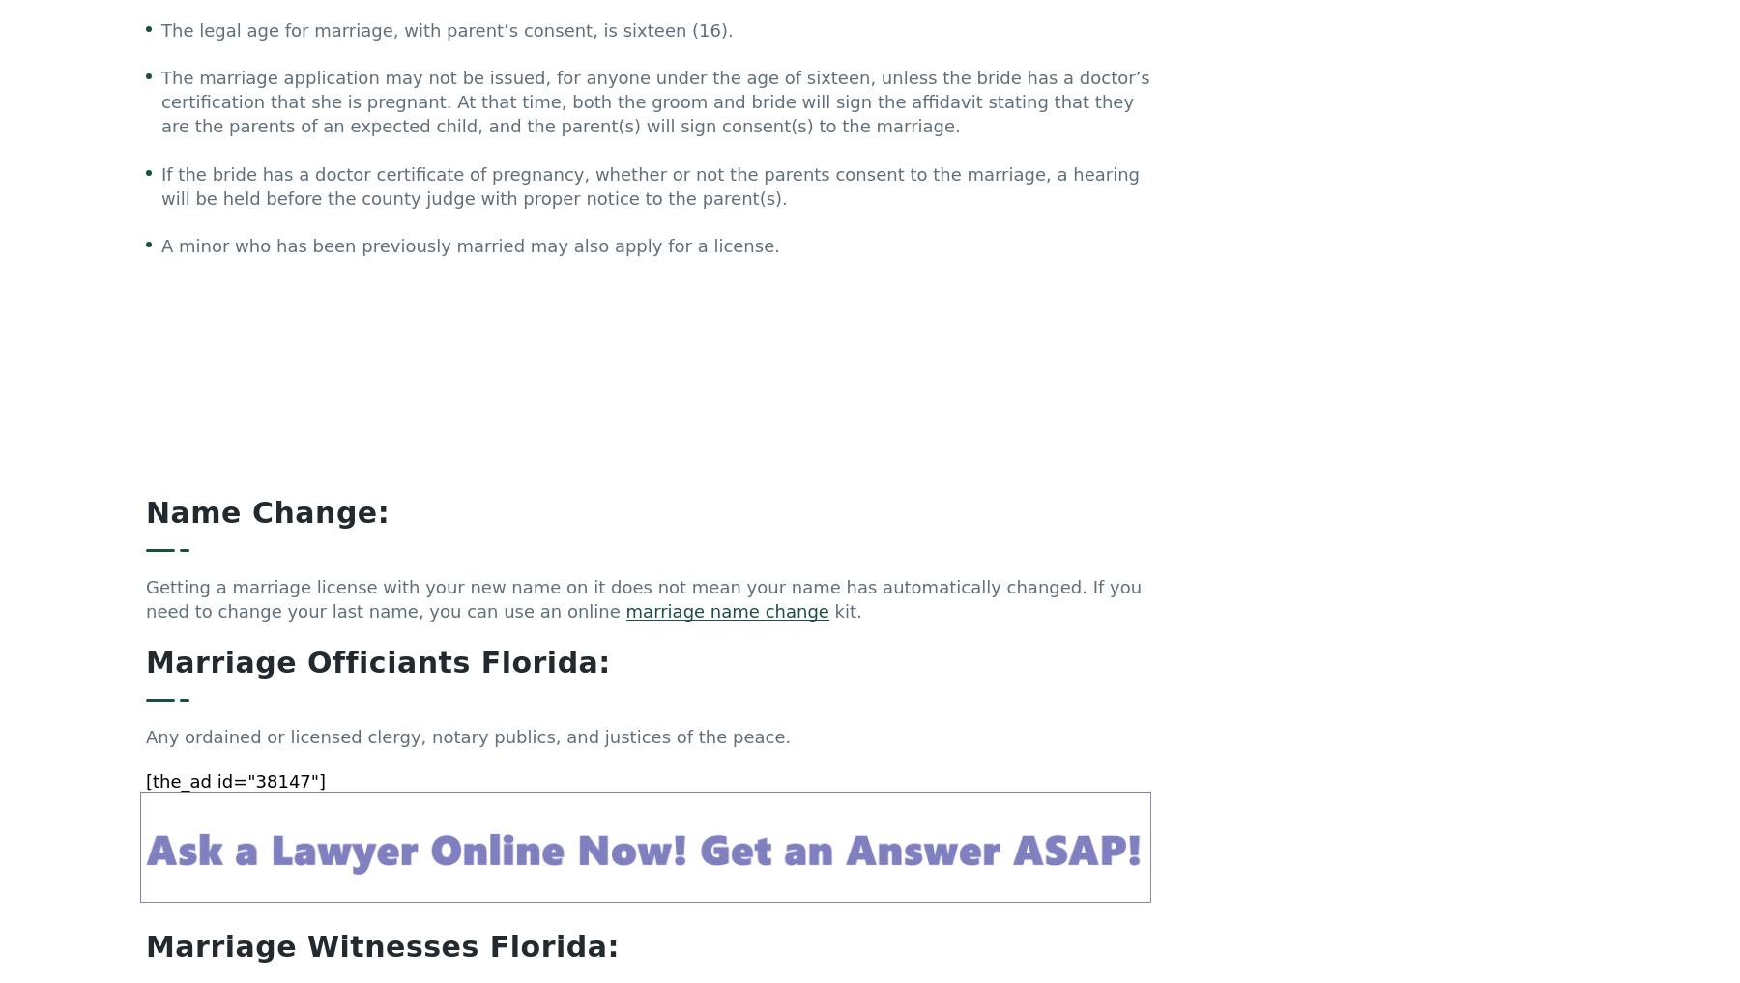 This screenshot has width=1740, height=983. What do you see at coordinates (384, 769) in the screenshot?
I see `'Marriage license is valid for 60 days after issuance.'` at bounding box center [384, 769].